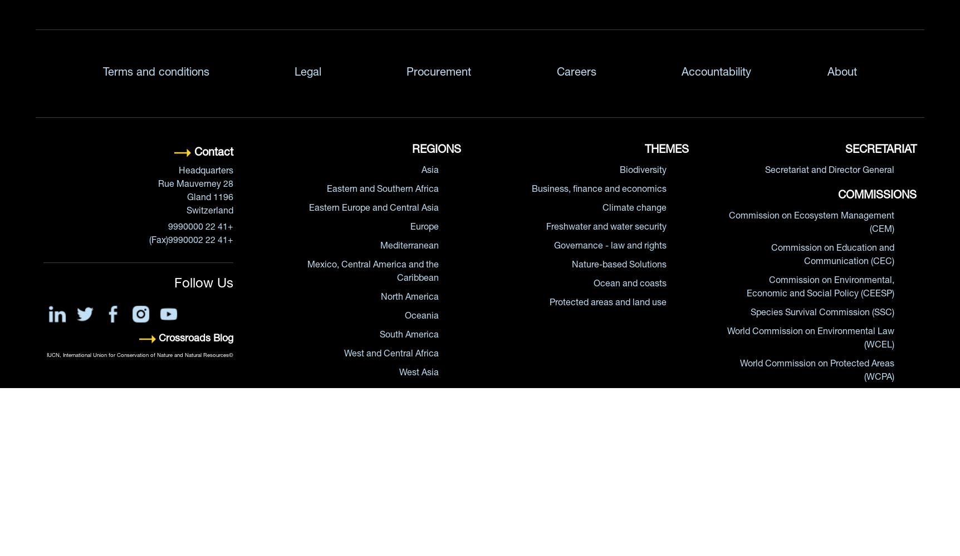 The height and width of the screenshot is (556, 960). Describe the element at coordinates (643, 171) in the screenshot. I see `'Biodiversity'` at that location.